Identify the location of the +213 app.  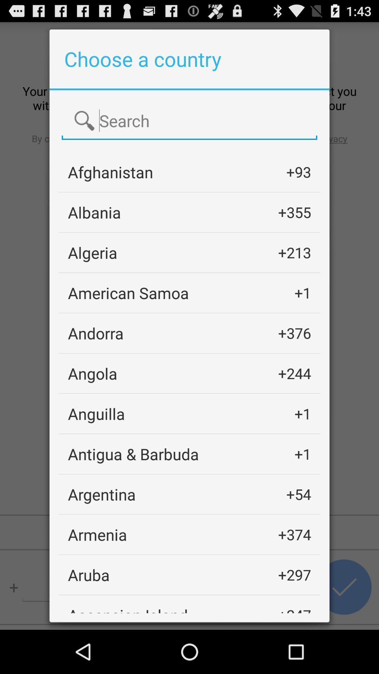
(294, 252).